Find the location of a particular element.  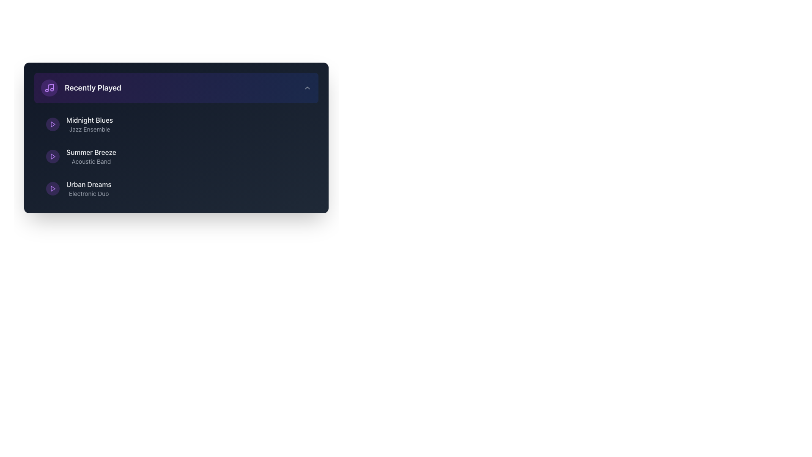

the play icon button located to the left of the 'Summer Breeze' media item to initiate playback is located at coordinates (52, 157).